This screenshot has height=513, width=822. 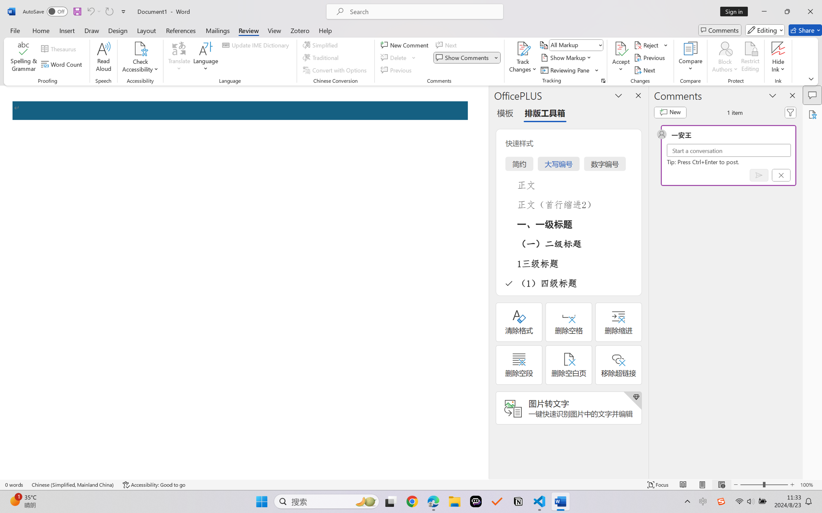 What do you see at coordinates (765, 30) in the screenshot?
I see `'Editing'` at bounding box center [765, 30].